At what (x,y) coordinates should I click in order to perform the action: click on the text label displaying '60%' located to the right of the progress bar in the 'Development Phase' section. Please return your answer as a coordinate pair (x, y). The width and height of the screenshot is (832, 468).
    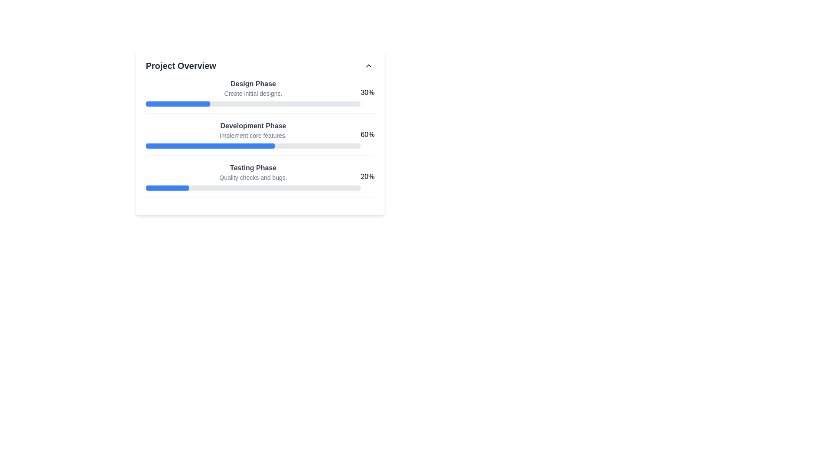
    Looking at the image, I should click on (367, 135).